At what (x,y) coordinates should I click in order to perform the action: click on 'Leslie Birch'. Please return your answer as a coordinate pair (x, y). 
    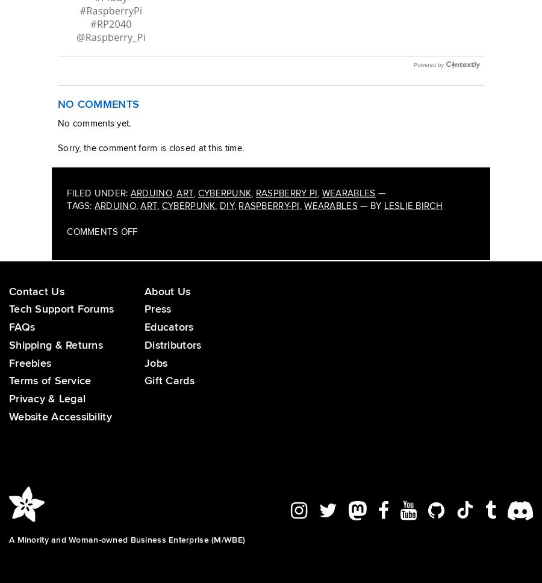
    Looking at the image, I should click on (412, 219).